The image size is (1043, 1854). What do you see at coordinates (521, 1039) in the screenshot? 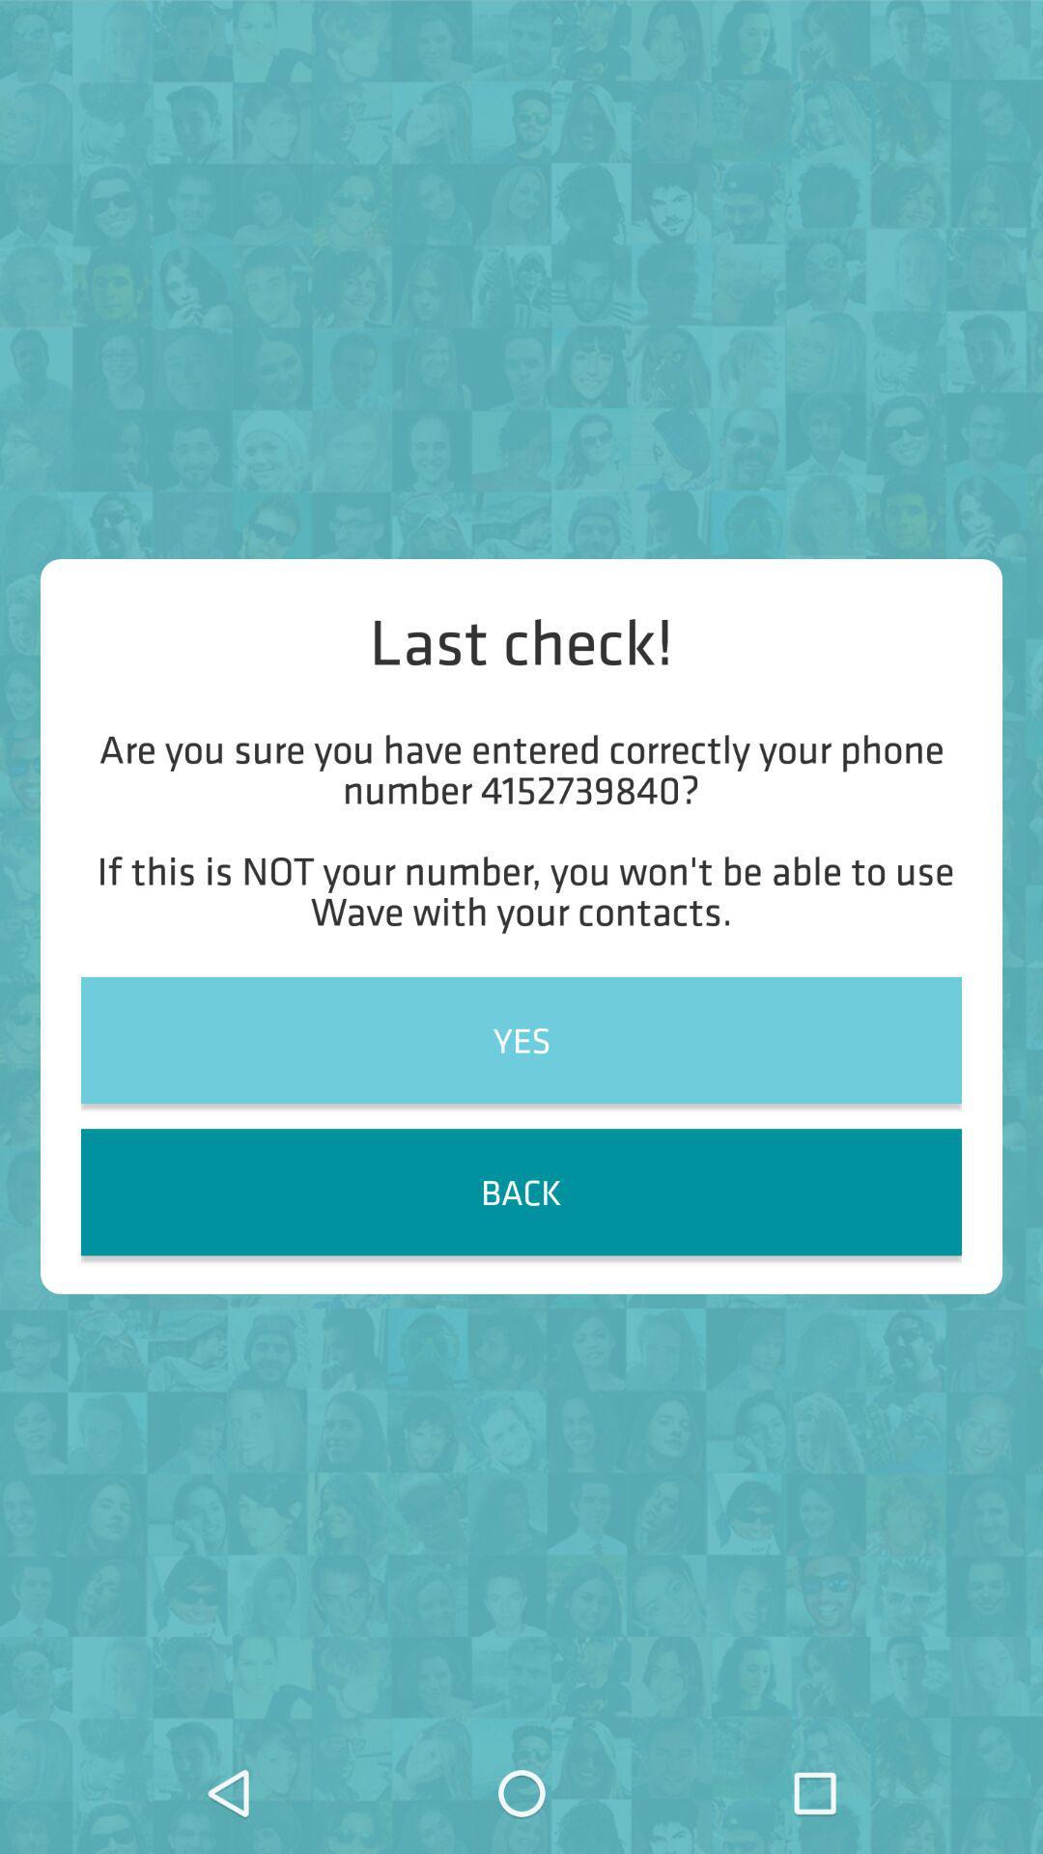
I see `the yes item` at bounding box center [521, 1039].